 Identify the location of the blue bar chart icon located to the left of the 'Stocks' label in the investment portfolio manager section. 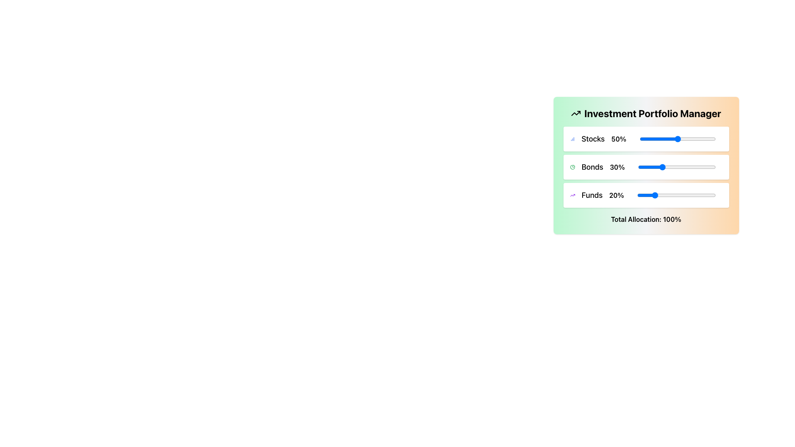
(572, 138).